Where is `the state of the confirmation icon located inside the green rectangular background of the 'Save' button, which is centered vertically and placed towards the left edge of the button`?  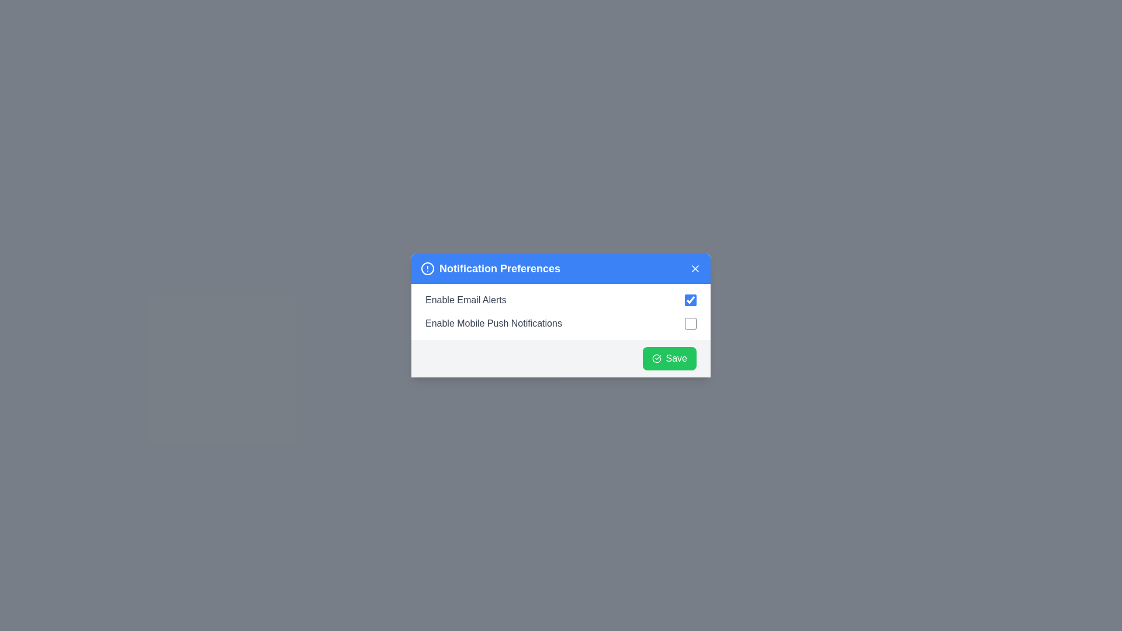
the state of the confirmation icon located inside the green rectangular background of the 'Save' button, which is centered vertically and placed towards the left edge of the button is located at coordinates (656, 358).